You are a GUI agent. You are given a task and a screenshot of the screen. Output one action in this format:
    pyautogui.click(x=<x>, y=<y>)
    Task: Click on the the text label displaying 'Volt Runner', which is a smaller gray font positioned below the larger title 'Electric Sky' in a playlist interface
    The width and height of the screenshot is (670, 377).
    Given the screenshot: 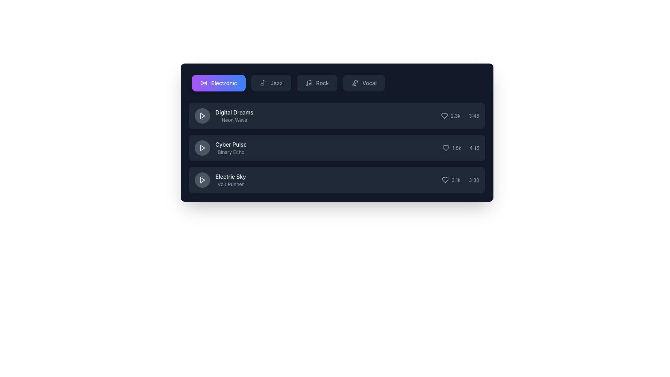 What is the action you would take?
    pyautogui.click(x=231, y=184)
    